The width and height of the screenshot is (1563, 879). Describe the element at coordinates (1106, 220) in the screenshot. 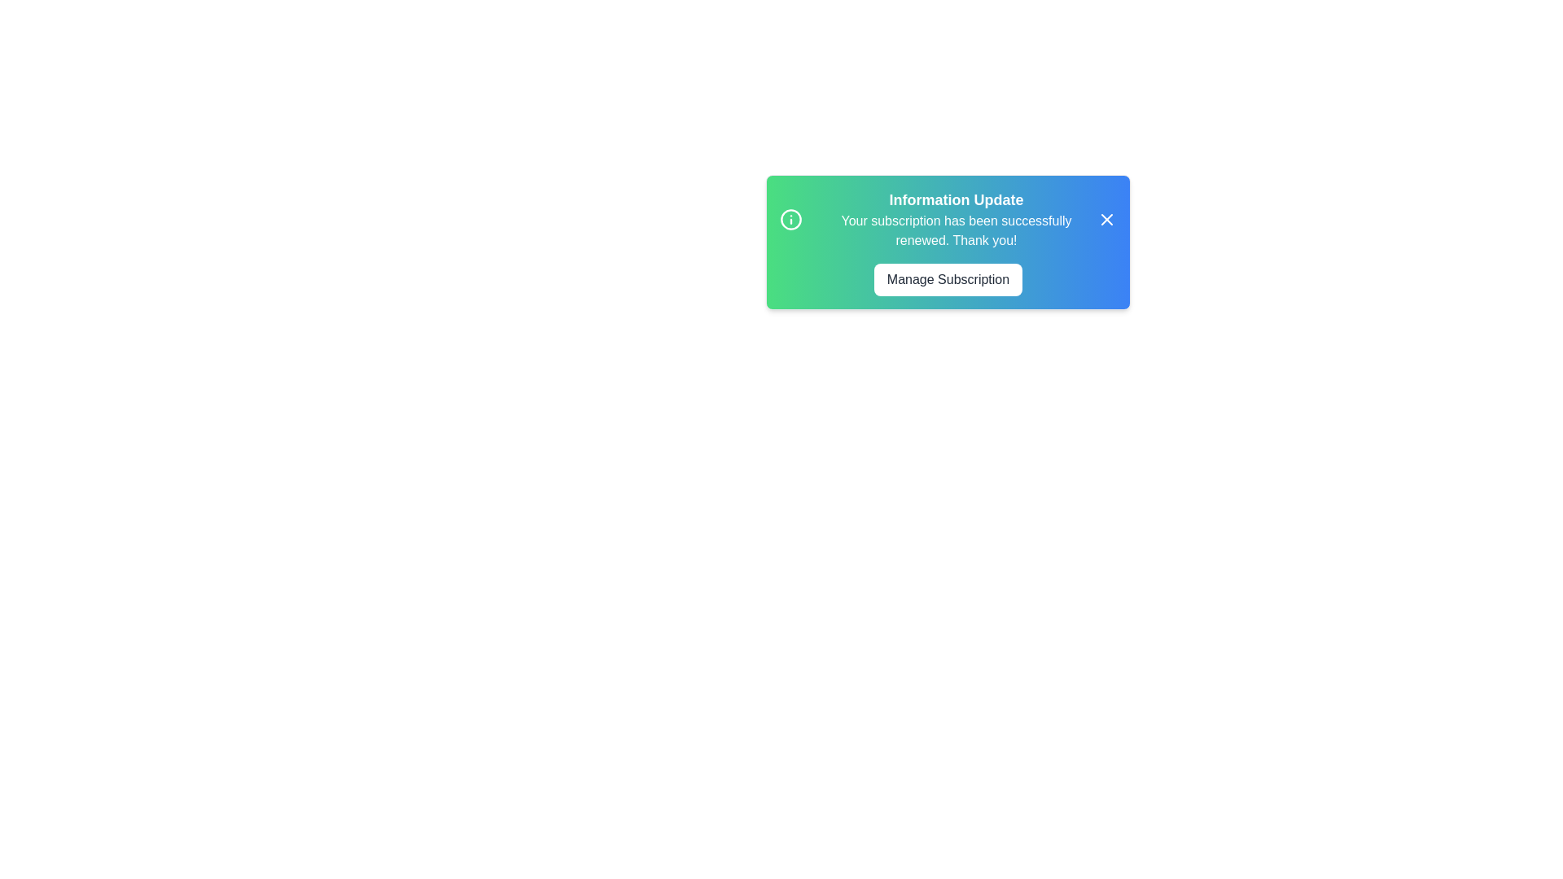

I see `the close button to dismiss the alert` at that location.